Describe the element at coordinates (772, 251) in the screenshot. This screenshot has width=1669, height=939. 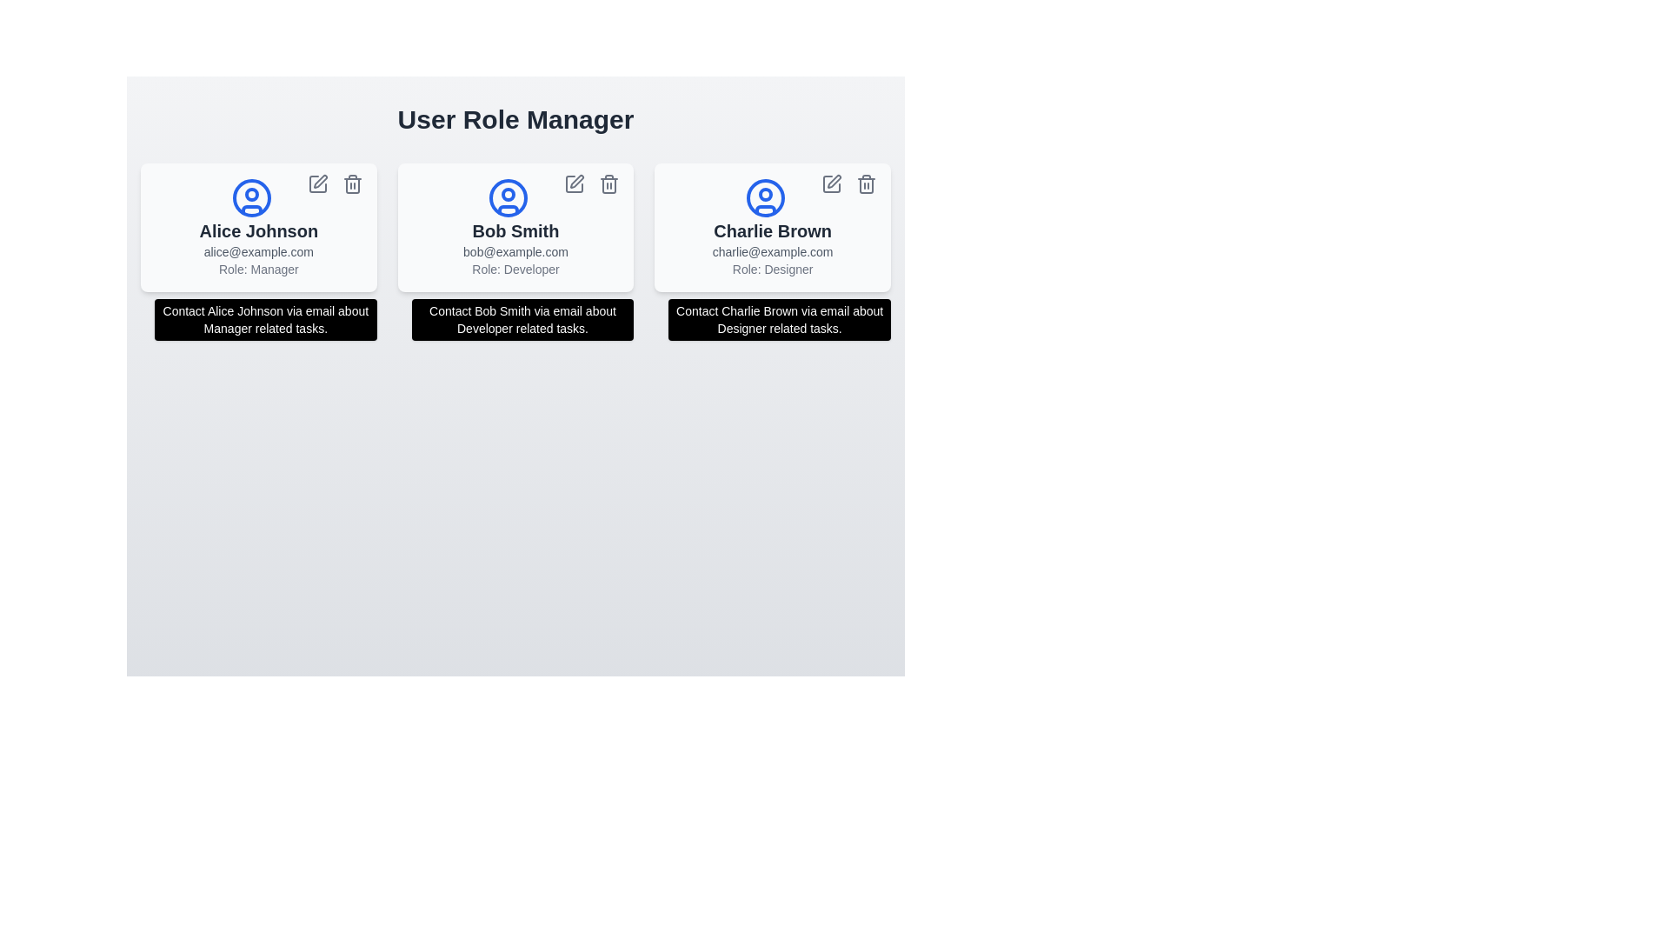
I see `the static text displaying the email address 'charlie@example.com' associated with 'Charlie Brown', located within the profile card below the name and above the role description` at that location.